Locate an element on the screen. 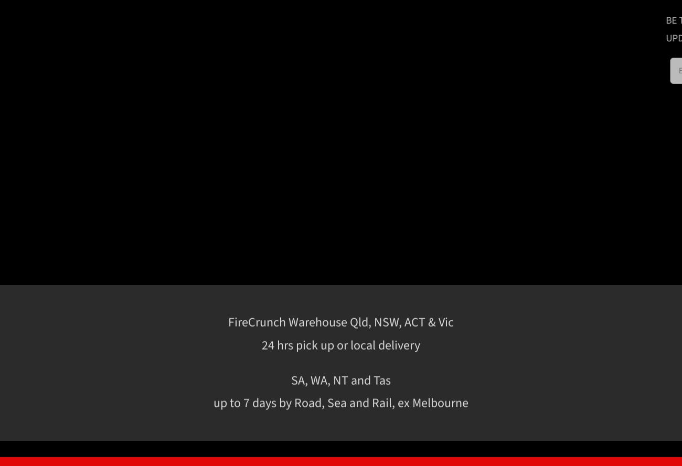 The width and height of the screenshot is (682, 466). 'Archify Product Sourcing' is located at coordinates (567, 409).